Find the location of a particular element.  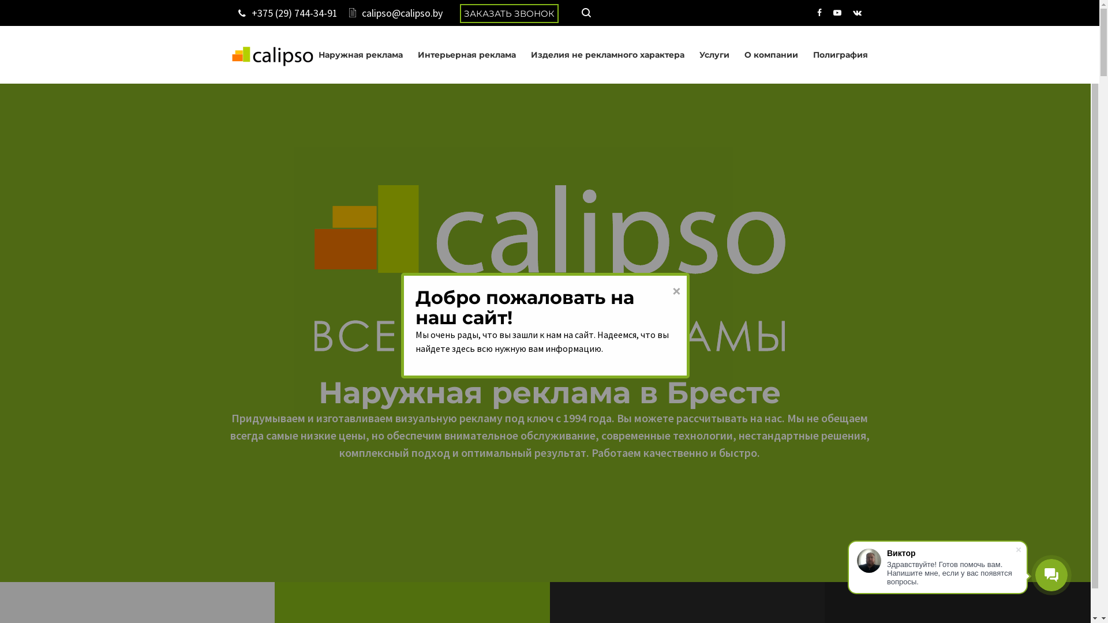

'calipso@calipso.by' is located at coordinates (402, 13).